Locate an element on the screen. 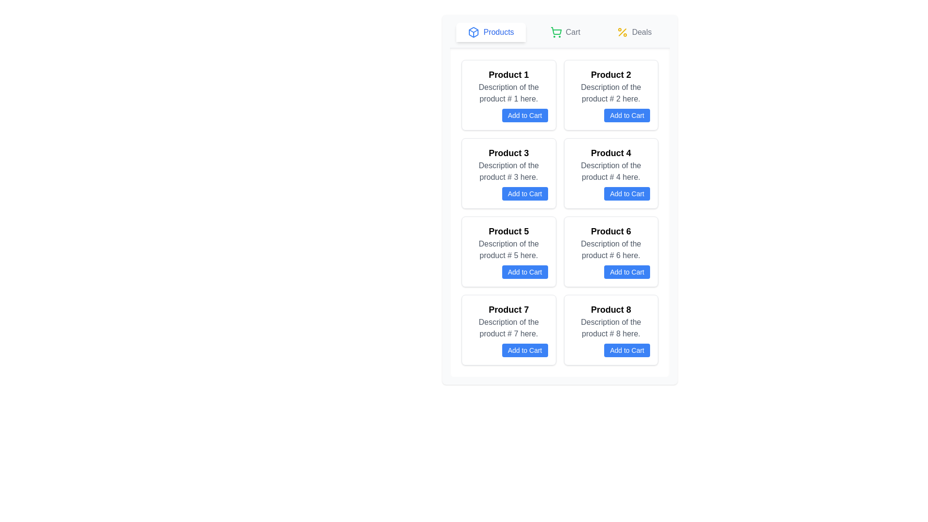  the 'Add to Cart' button for 'Product 1' is located at coordinates (524, 115).